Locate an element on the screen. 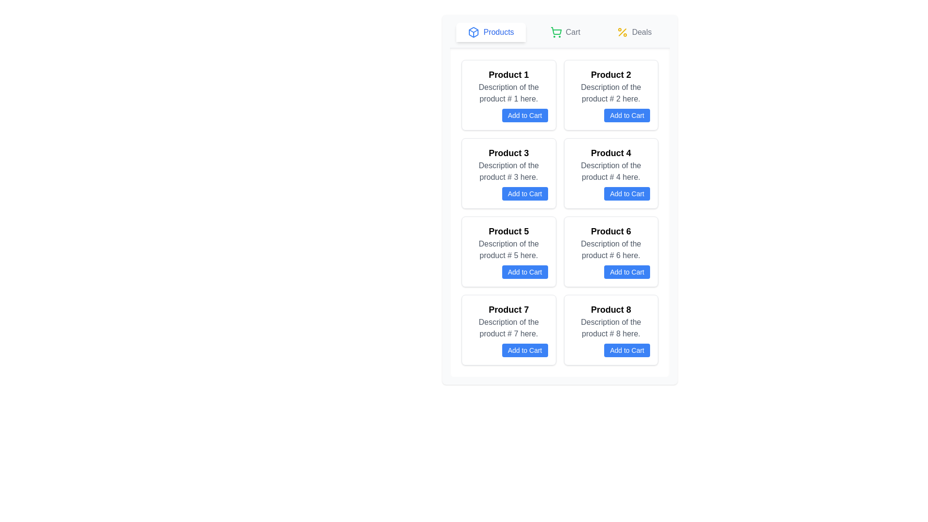  the 'Add to Cart' button for 'Product 1' is located at coordinates (524, 115).